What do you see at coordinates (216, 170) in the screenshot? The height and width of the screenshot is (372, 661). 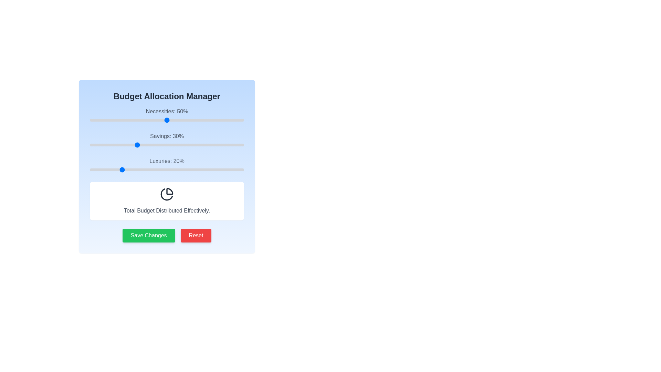 I see `the luxuries allocation` at bounding box center [216, 170].